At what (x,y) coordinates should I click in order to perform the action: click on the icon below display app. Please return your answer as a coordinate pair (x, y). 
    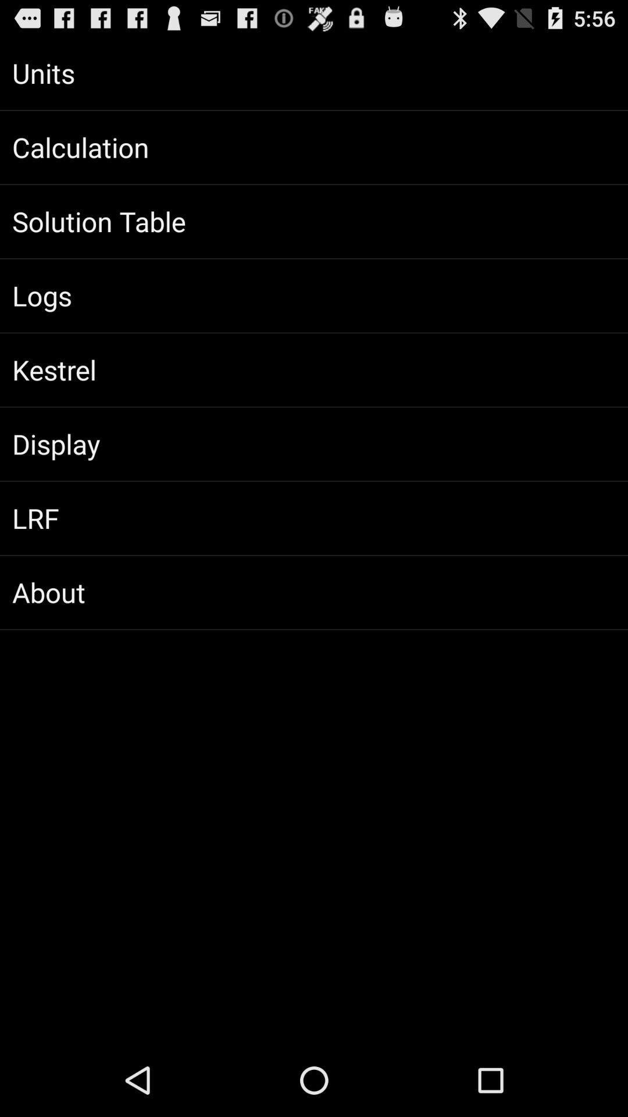
    Looking at the image, I should click on (314, 518).